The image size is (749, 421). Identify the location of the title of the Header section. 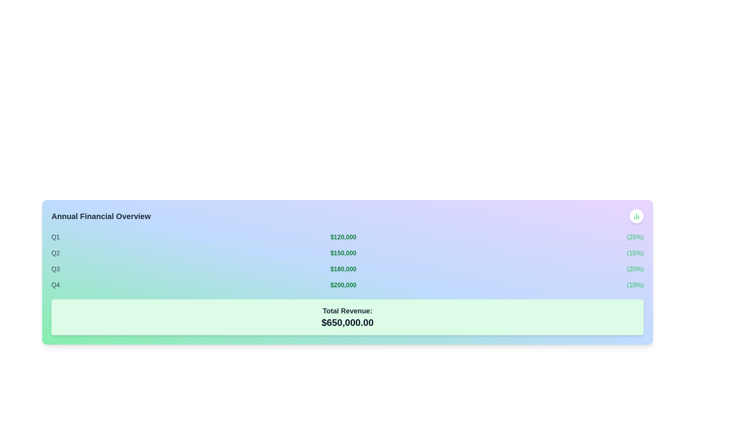
(347, 216).